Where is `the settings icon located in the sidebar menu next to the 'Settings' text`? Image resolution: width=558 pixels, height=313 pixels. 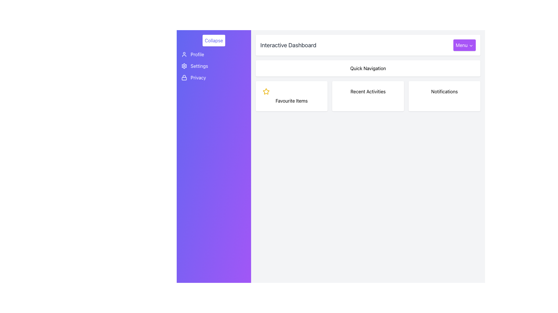 the settings icon located in the sidebar menu next to the 'Settings' text is located at coordinates (184, 65).